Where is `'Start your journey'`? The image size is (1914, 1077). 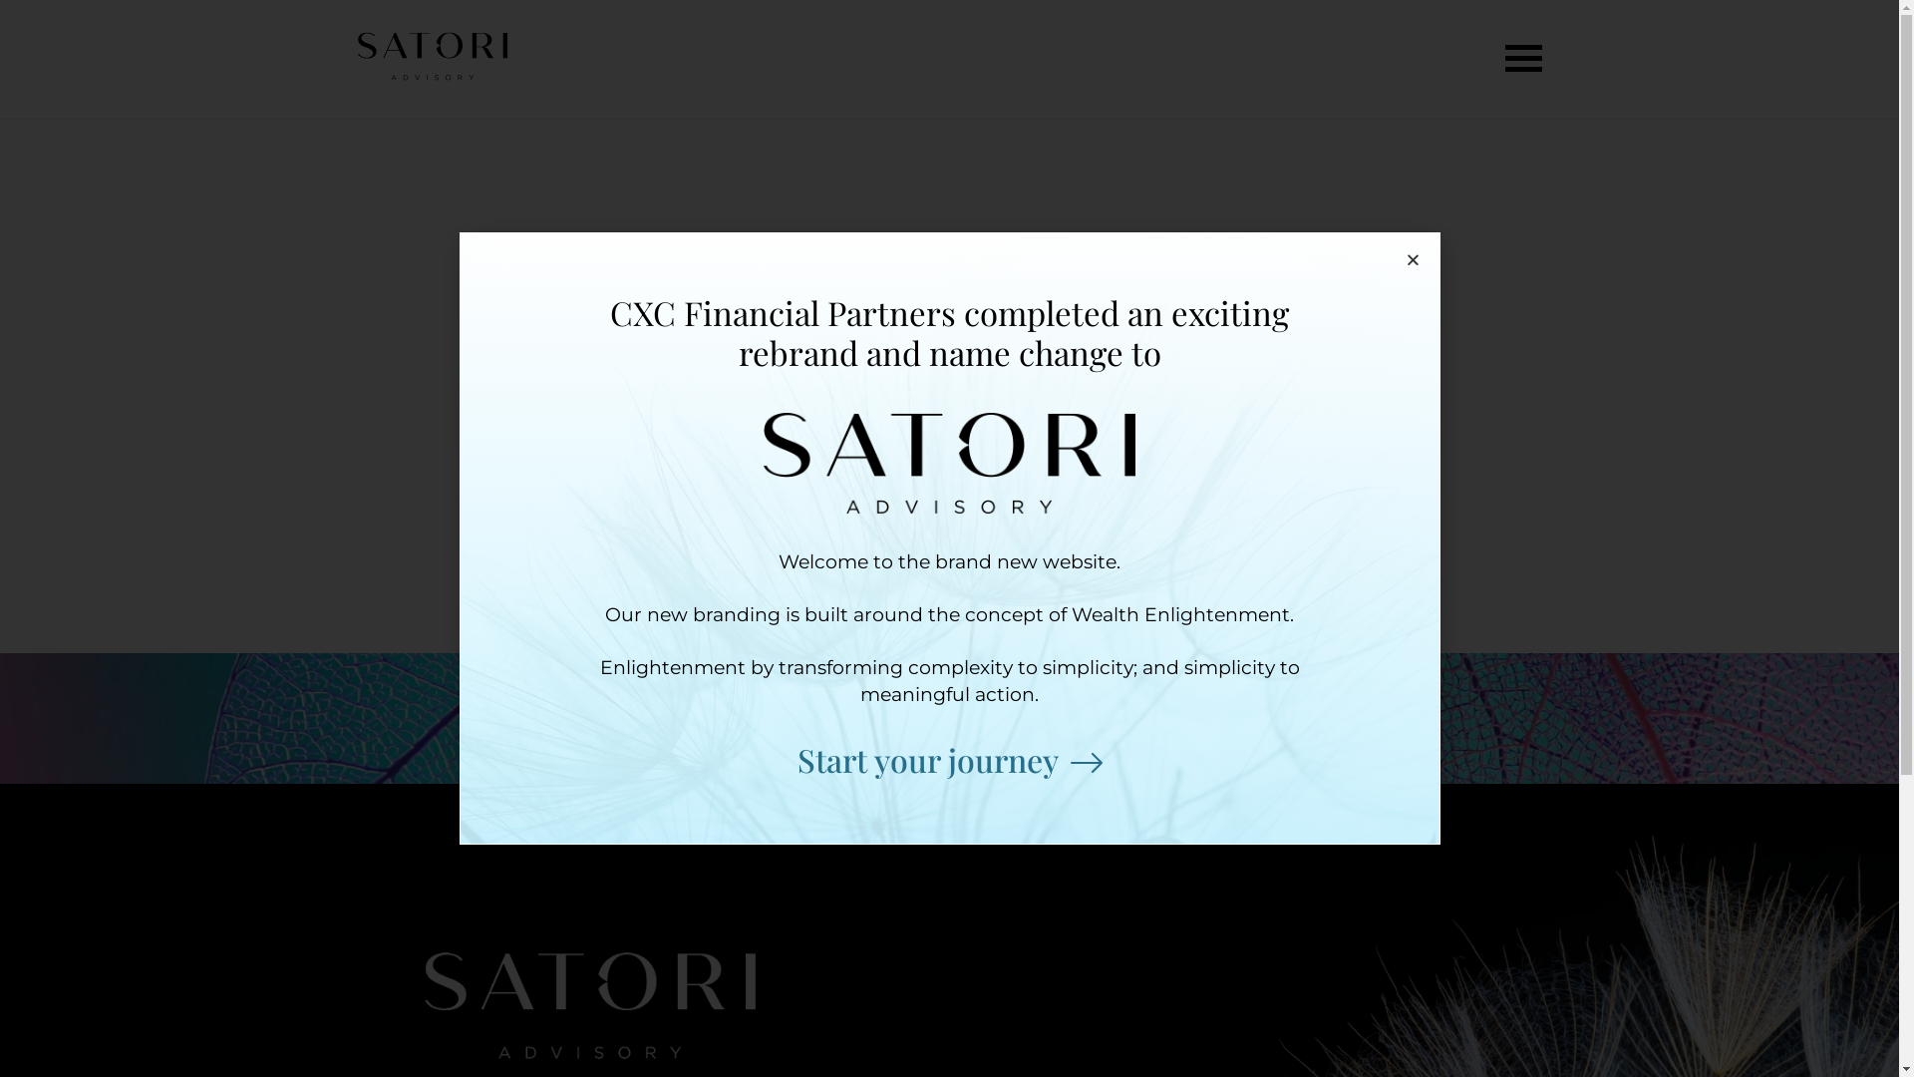 'Start your journey' is located at coordinates (949, 761).